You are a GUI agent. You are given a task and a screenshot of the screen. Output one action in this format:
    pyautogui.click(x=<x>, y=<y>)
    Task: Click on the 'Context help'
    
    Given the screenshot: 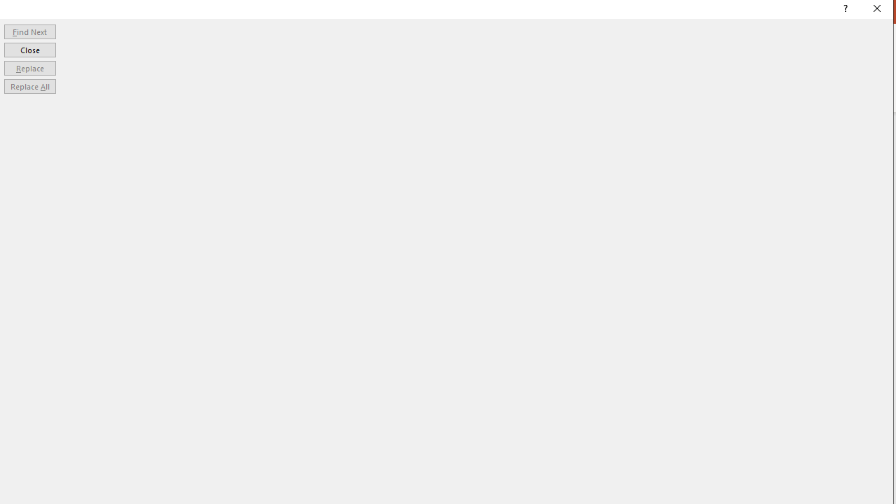 What is the action you would take?
    pyautogui.click(x=843, y=10)
    